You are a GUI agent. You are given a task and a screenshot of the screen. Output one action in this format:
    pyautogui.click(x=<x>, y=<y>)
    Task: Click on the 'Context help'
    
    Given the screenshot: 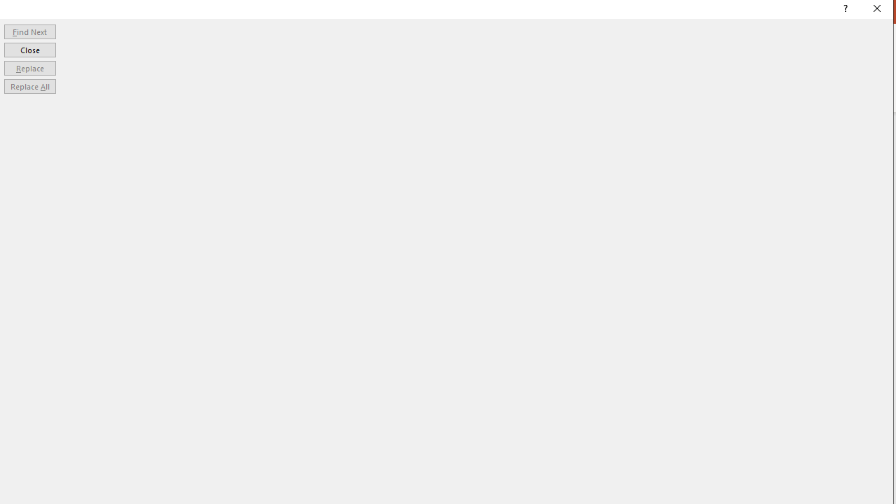 What is the action you would take?
    pyautogui.click(x=843, y=10)
    